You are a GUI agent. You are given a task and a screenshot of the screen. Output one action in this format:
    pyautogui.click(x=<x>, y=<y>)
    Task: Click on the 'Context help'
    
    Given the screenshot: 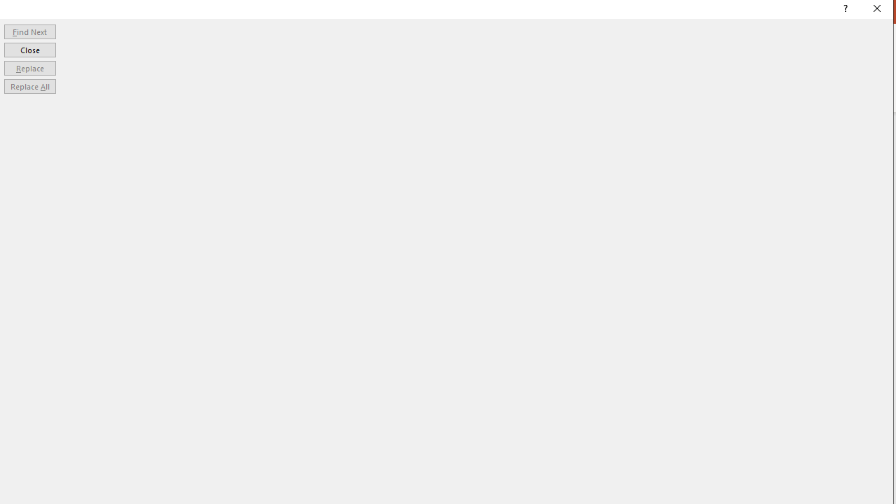 What is the action you would take?
    pyautogui.click(x=843, y=10)
    